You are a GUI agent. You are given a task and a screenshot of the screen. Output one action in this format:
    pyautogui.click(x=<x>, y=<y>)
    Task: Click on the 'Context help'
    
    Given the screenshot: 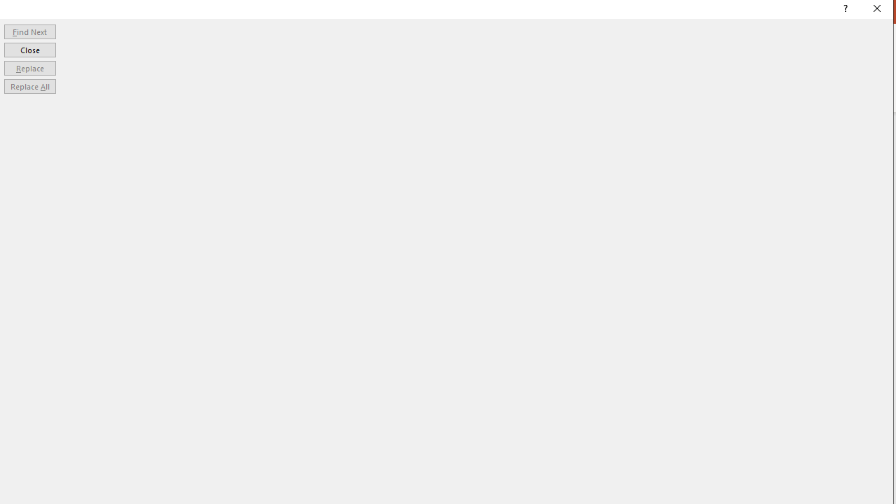 What is the action you would take?
    pyautogui.click(x=843, y=10)
    